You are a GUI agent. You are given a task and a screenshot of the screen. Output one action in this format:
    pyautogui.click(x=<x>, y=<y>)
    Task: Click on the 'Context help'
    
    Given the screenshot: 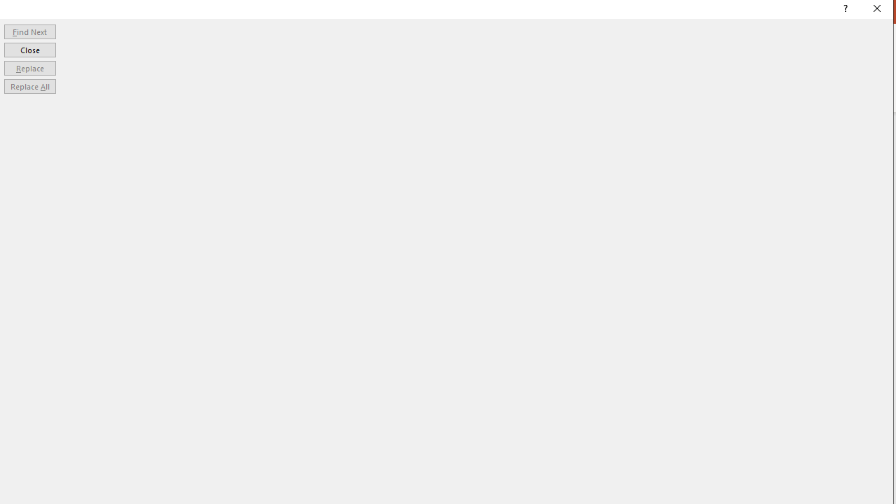 What is the action you would take?
    pyautogui.click(x=843, y=10)
    